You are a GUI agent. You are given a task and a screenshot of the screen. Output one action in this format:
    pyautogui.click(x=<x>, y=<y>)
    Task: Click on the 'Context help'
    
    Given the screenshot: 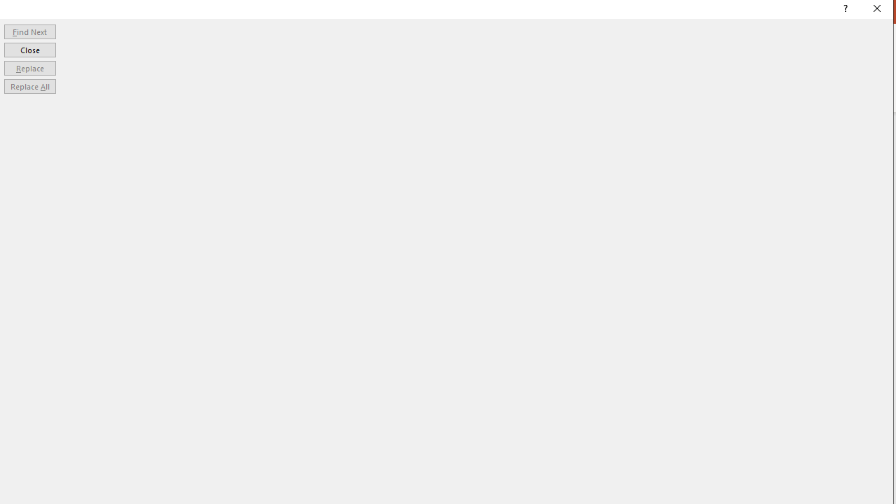 What is the action you would take?
    pyautogui.click(x=843, y=10)
    